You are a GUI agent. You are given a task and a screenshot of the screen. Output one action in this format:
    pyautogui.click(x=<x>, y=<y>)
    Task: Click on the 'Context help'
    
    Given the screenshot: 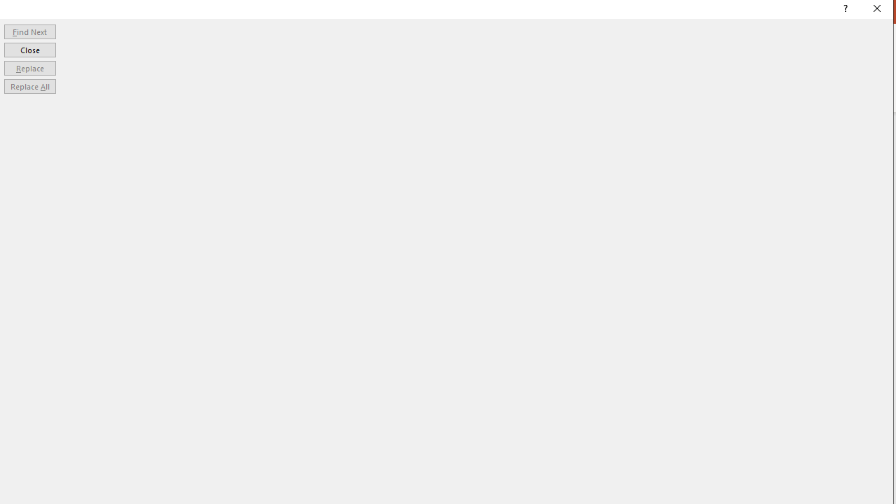 What is the action you would take?
    pyautogui.click(x=843, y=10)
    